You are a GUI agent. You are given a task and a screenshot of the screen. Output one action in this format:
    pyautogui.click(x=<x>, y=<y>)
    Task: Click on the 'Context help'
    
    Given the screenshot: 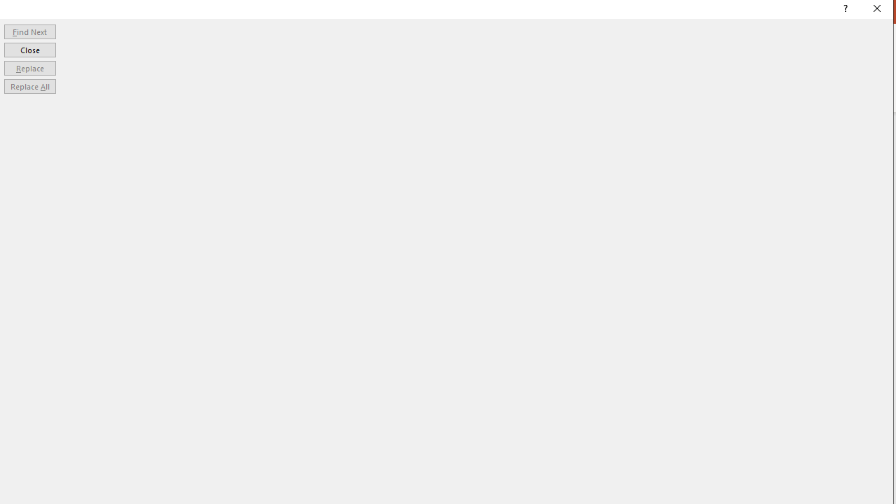 What is the action you would take?
    pyautogui.click(x=843, y=10)
    